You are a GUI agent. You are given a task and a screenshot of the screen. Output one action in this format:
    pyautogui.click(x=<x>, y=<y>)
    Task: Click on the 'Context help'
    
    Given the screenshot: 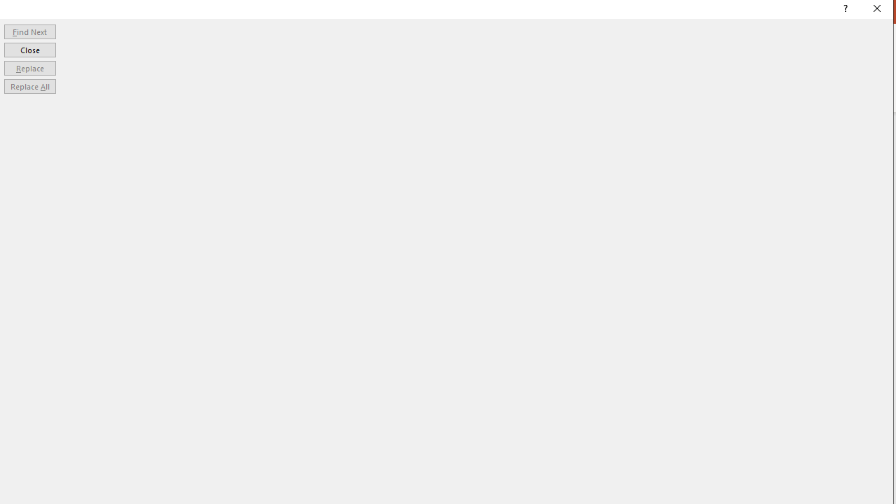 What is the action you would take?
    pyautogui.click(x=843, y=10)
    